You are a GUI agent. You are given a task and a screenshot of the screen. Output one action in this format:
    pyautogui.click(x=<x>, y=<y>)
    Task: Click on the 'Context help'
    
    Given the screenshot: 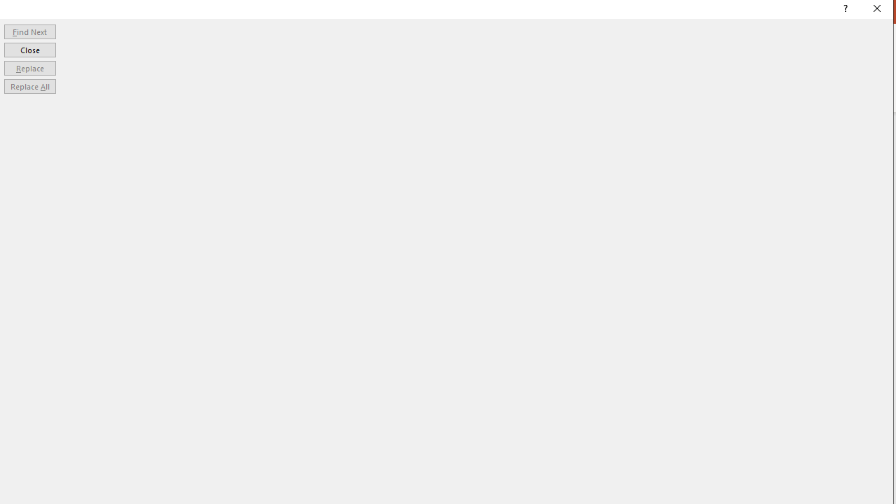 What is the action you would take?
    pyautogui.click(x=843, y=10)
    